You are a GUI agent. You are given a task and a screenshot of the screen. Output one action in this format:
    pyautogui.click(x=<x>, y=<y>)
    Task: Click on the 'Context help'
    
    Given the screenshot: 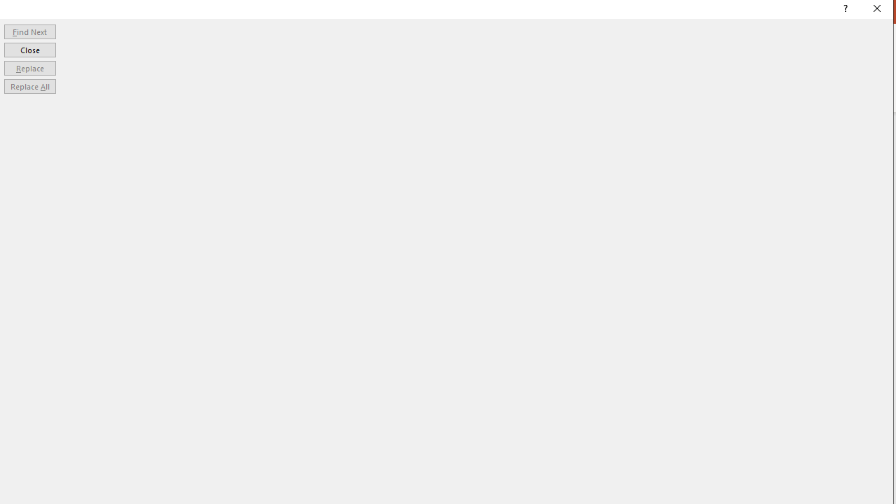 What is the action you would take?
    pyautogui.click(x=843, y=10)
    